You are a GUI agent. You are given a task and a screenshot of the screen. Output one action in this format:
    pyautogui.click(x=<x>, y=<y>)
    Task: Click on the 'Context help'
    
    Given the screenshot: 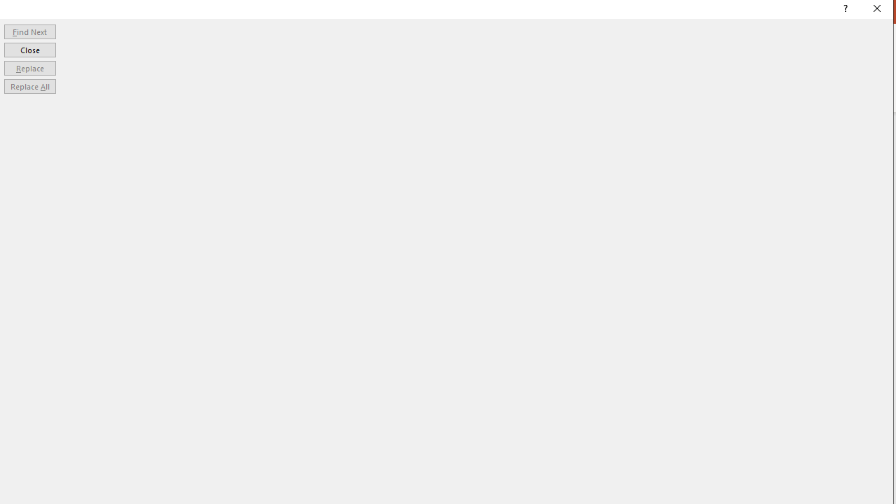 What is the action you would take?
    pyautogui.click(x=843, y=10)
    